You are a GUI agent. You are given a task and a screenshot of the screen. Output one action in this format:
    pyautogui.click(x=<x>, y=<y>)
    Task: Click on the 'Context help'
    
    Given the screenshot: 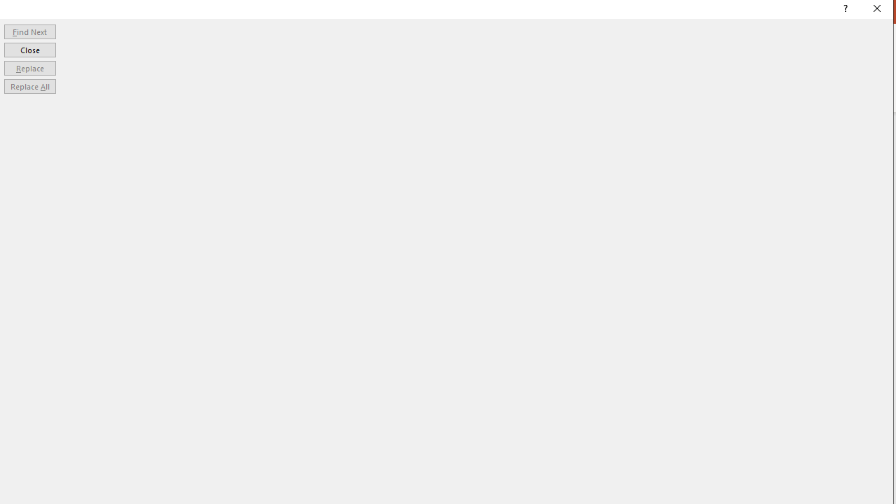 What is the action you would take?
    pyautogui.click(x=843, y=10)
    